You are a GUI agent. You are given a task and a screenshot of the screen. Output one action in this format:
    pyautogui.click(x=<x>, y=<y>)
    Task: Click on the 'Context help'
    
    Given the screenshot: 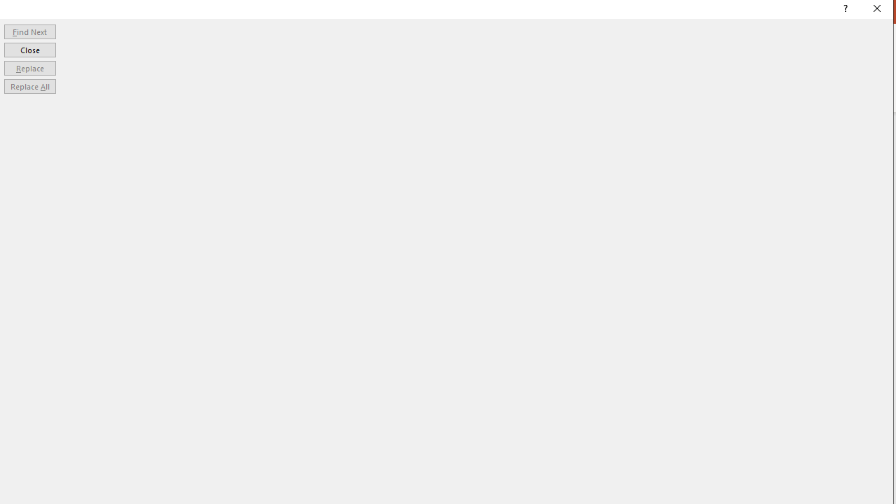 What is the action you would take?
    pyautogui.click(x=843, y=10)
    